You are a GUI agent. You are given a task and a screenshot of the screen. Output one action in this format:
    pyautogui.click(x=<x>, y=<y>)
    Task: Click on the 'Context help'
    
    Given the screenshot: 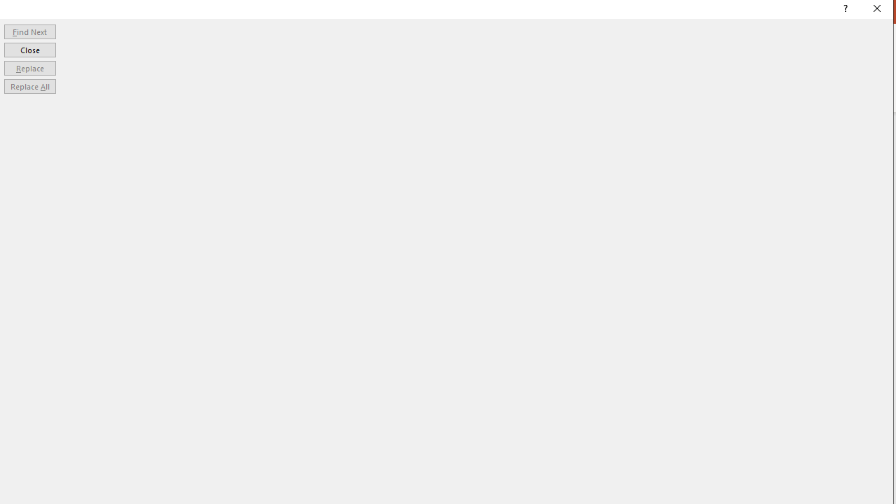 What is the action you would take?
    pyautogui.click(x=843, y=10)
    